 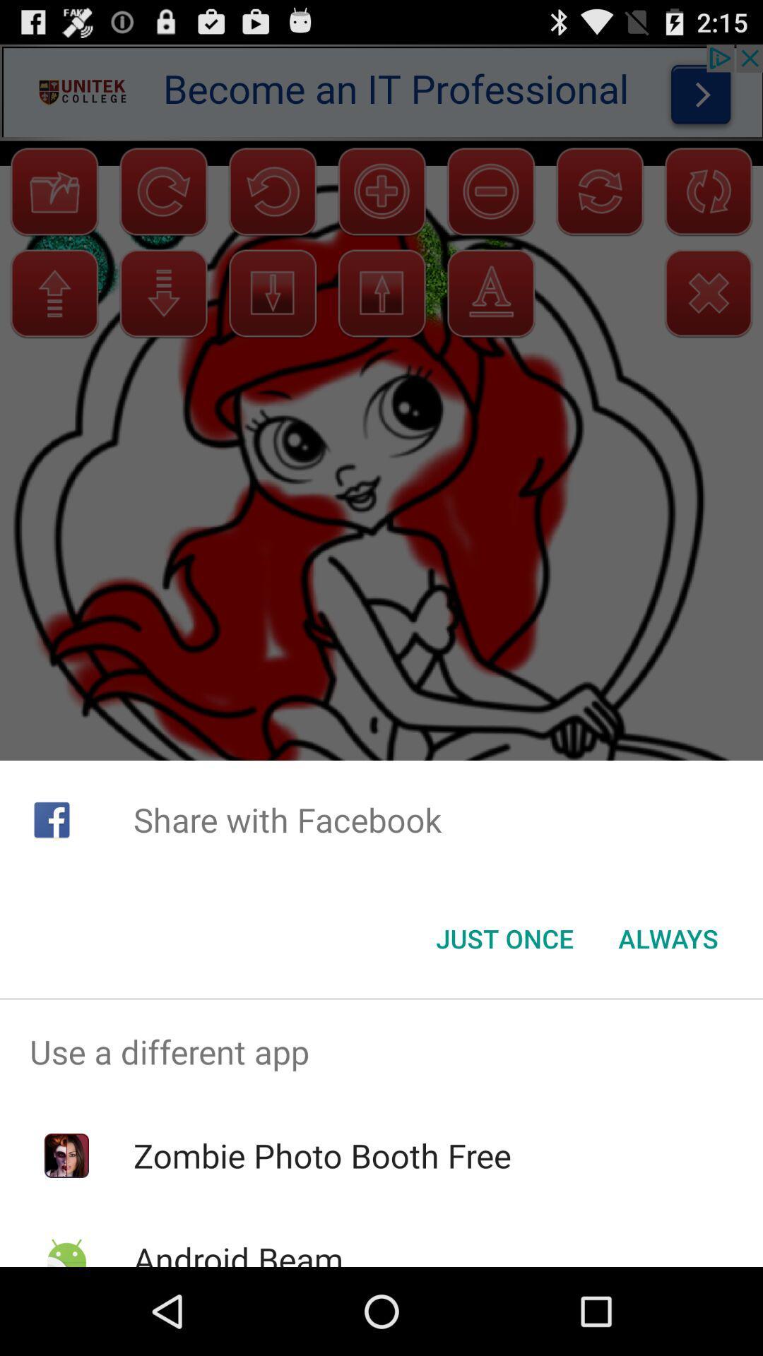 I want to click on item next to the just once button, so click(x=668, y=939).